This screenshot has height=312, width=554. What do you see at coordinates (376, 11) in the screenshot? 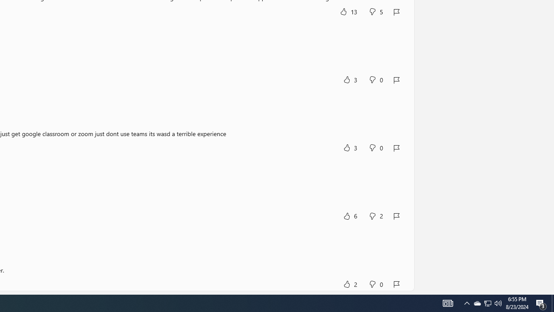
I see `'No, this was not helpful. 5 votes.'` at bounding box center [376, 11].